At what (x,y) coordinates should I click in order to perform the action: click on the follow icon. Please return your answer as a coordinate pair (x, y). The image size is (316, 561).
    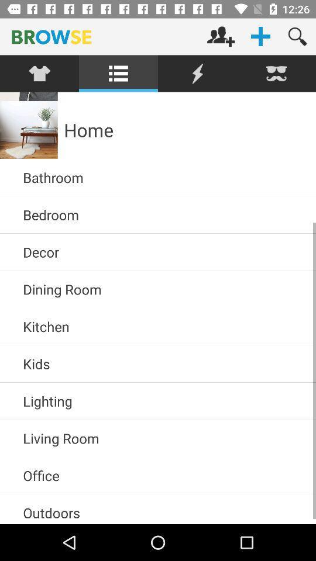
    Looking at the image, I should click on (221, 36).